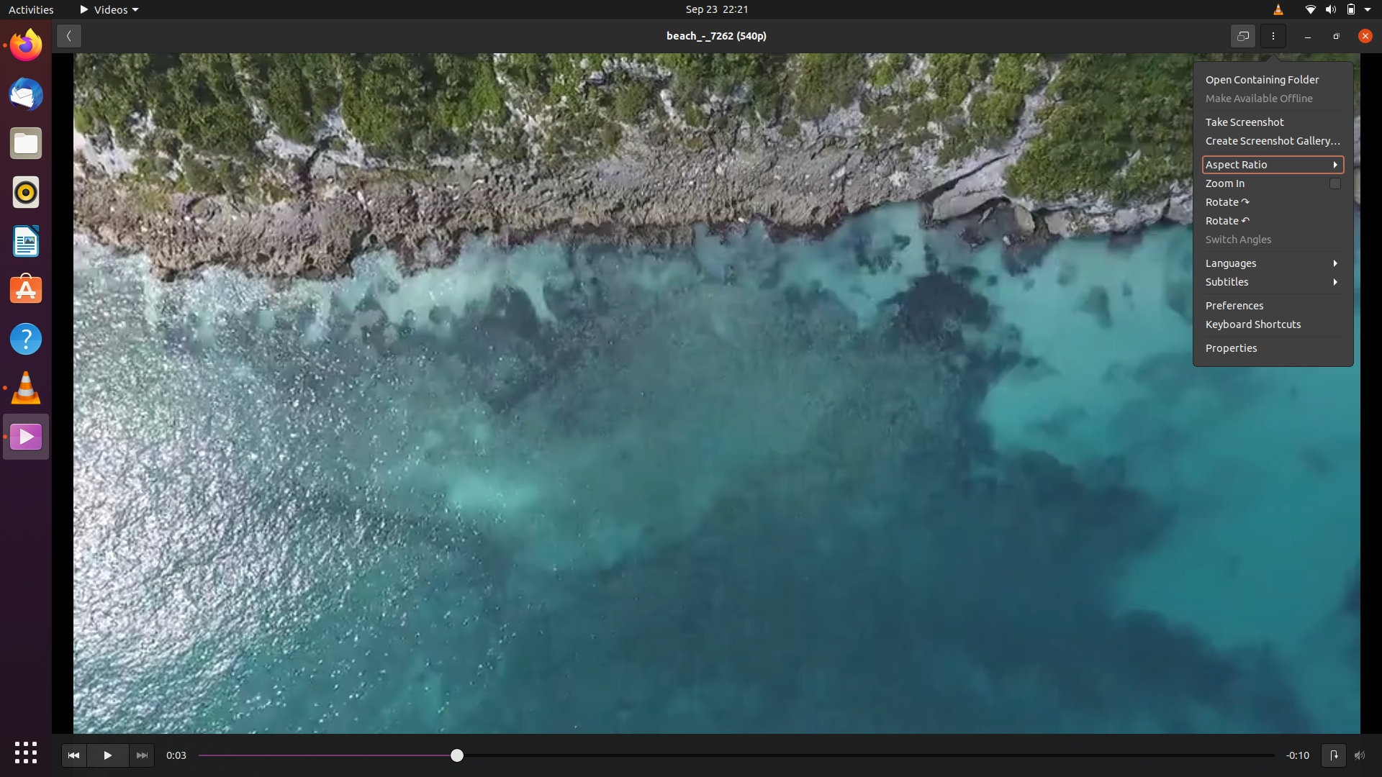 The height and width of the screenshot is (777, 1382). Describe the element at coordinates (1275, 281) in the screenshot. I see `Shift the subtitle language to the second option from the list` at that location.